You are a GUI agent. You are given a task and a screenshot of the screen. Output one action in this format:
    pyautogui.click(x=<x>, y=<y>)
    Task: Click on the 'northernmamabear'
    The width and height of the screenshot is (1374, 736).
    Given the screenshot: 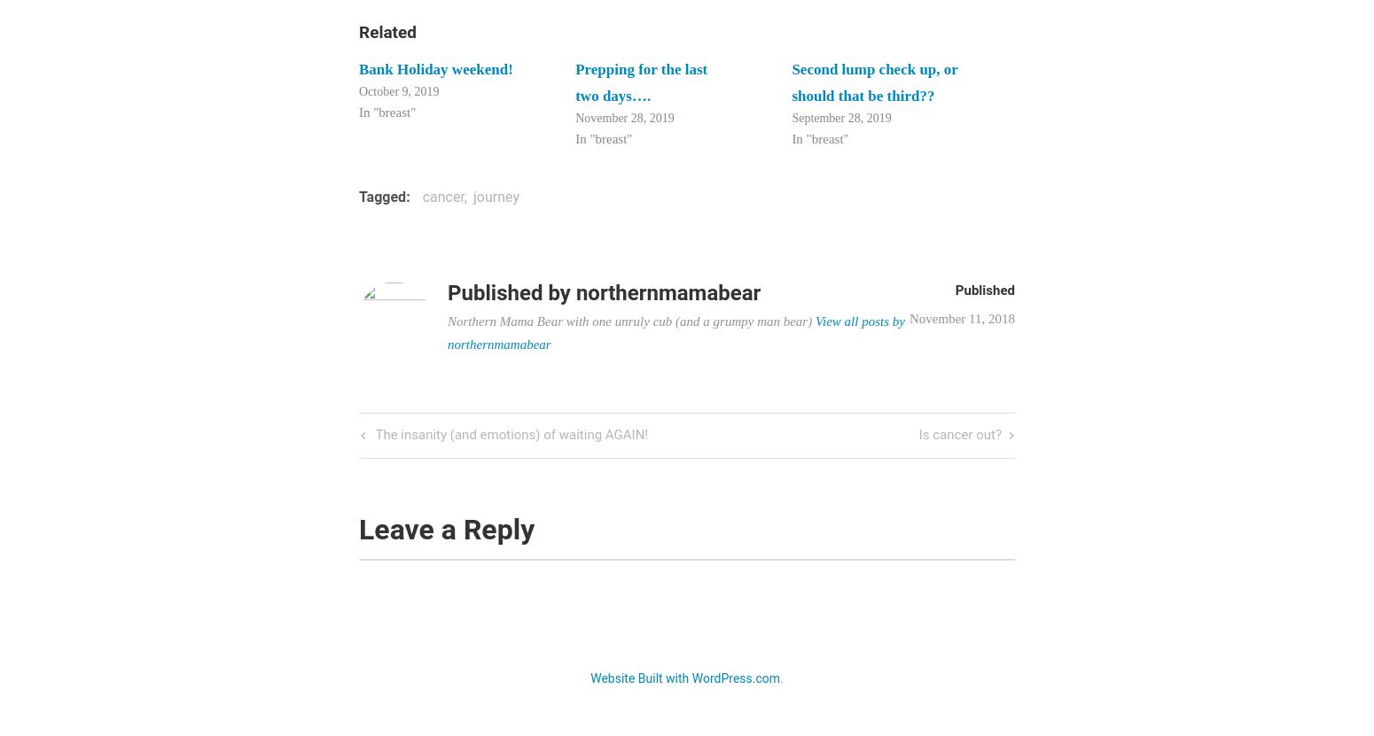 What is the action you would take?
    pyautogui.click(x=667, y=291)
    